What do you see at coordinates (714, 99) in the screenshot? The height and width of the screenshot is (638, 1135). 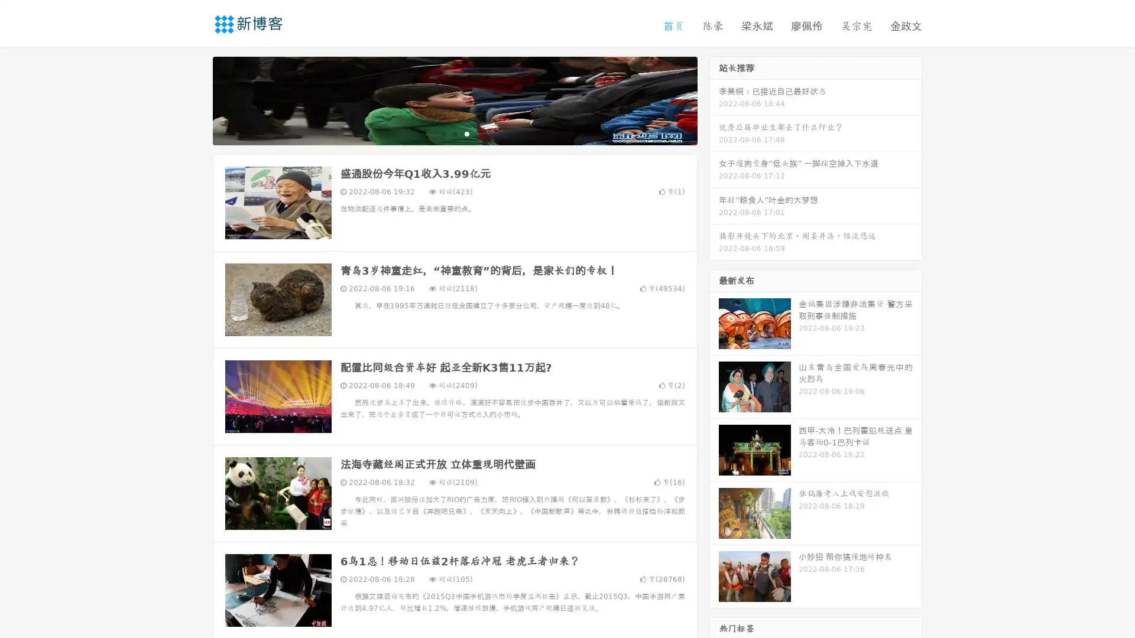 I see `Next slide` at bounding box center [714, 99].